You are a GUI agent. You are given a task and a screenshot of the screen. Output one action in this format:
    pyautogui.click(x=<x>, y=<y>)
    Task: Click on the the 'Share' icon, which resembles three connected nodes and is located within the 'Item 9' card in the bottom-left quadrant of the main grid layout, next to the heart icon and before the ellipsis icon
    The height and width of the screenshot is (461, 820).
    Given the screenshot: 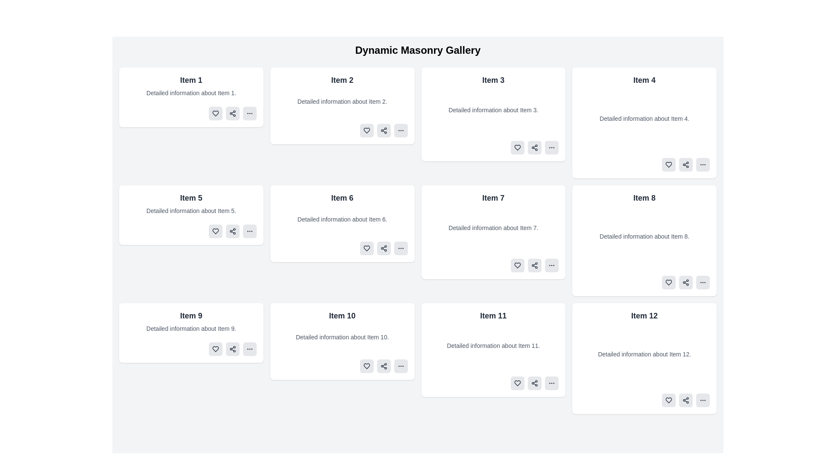 What is the action you would take?
    pyautogui.click(x=232, y=349)
    